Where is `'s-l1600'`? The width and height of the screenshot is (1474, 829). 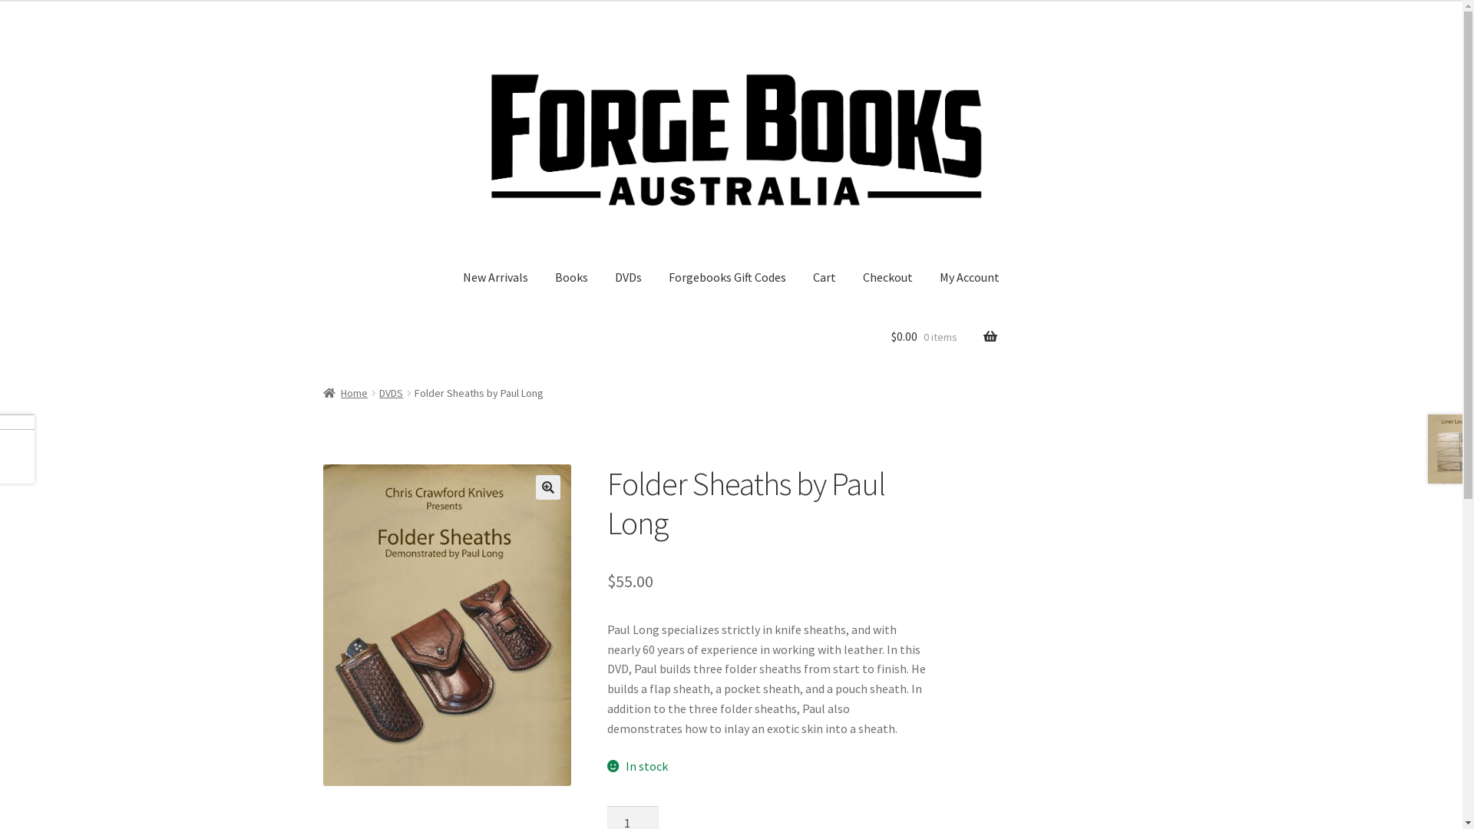 's-l1600' is located at coordinates (446, 624).